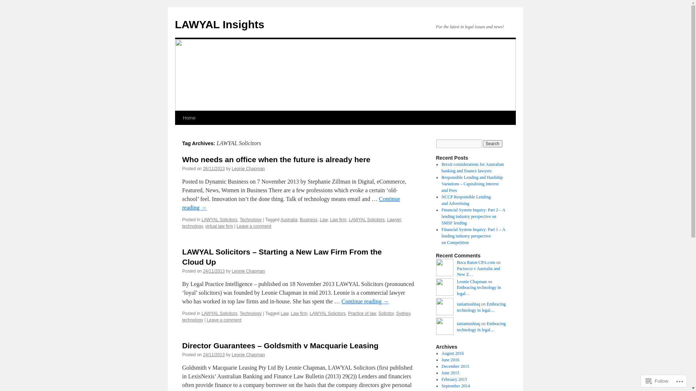 The width and height of the screenshot is (696, 391). What do you see at coordinates (452, 353) in the screenshot?
I see `'August 2016'` at bounding box center [452, 353].